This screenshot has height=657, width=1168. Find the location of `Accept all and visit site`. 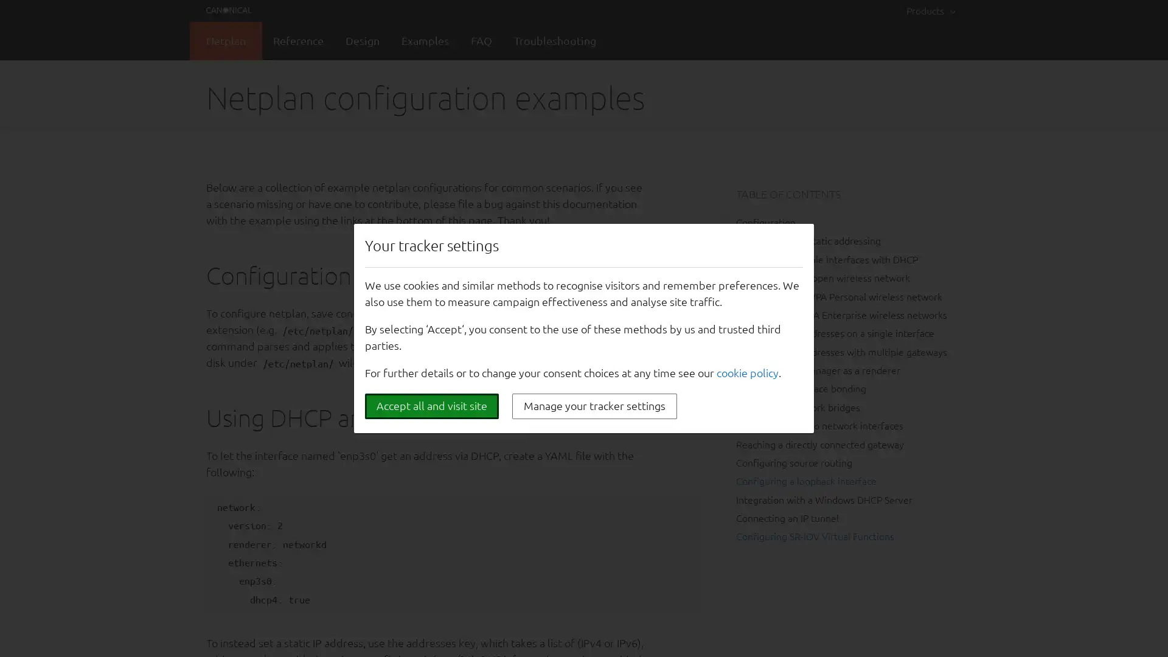

Accept all and visit site is located at coordinates (432, 406).